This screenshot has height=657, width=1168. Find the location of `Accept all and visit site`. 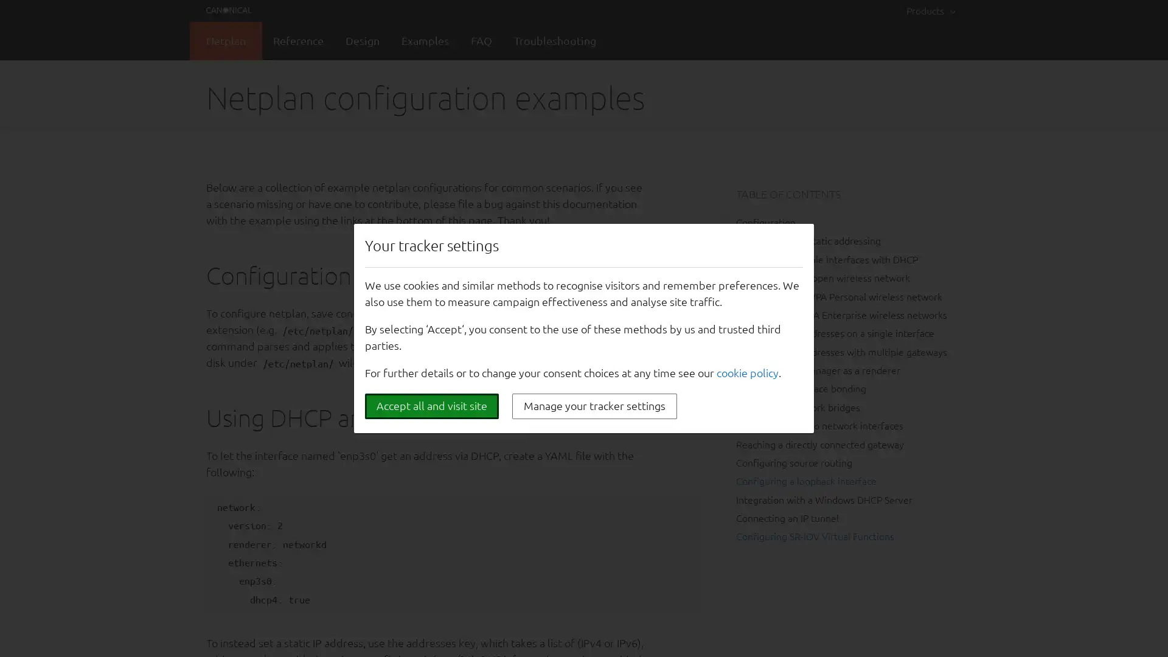

Accept all and visit site is located at coordinates (432, 406).